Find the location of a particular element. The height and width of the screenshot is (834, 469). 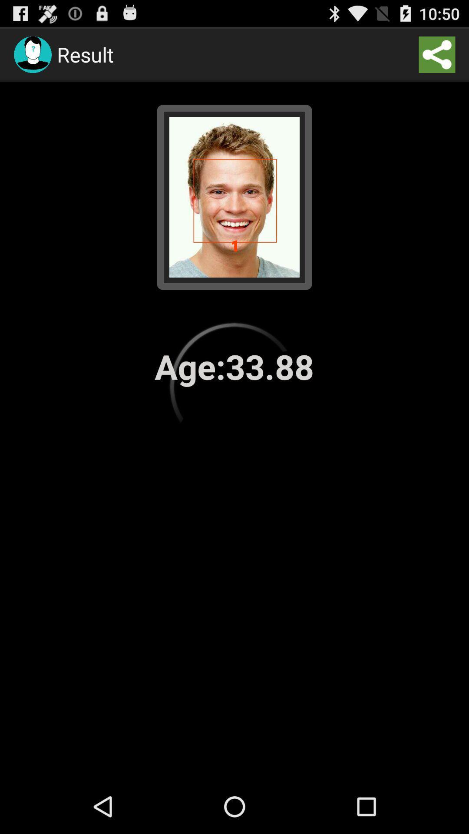

the app to the right of the result icon is located at coordinates (437, 54).